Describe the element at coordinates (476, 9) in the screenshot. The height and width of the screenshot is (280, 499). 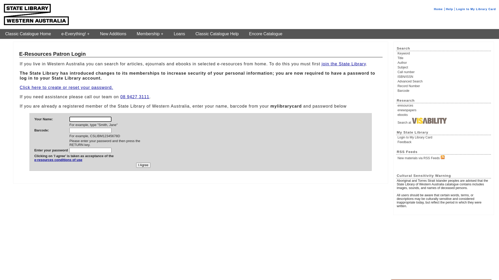
I see `'Login to My Library Card'` at that location.